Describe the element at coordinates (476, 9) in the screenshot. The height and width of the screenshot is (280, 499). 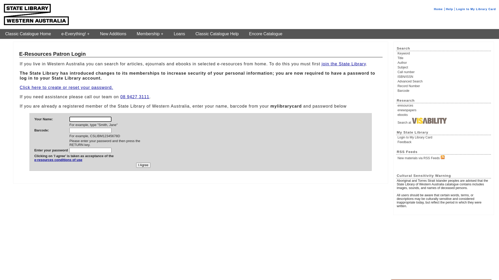
I see `'Login to My Library Card'` at that location.